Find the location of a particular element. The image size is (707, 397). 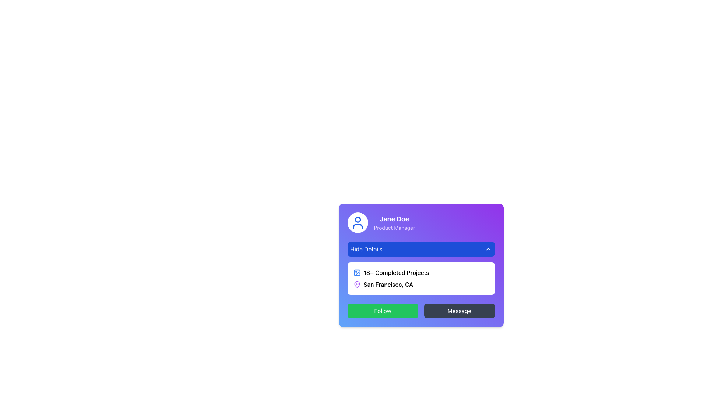

the rectangular button labeled 'Message' with a dark gray background is located at coordinates (459, 311).